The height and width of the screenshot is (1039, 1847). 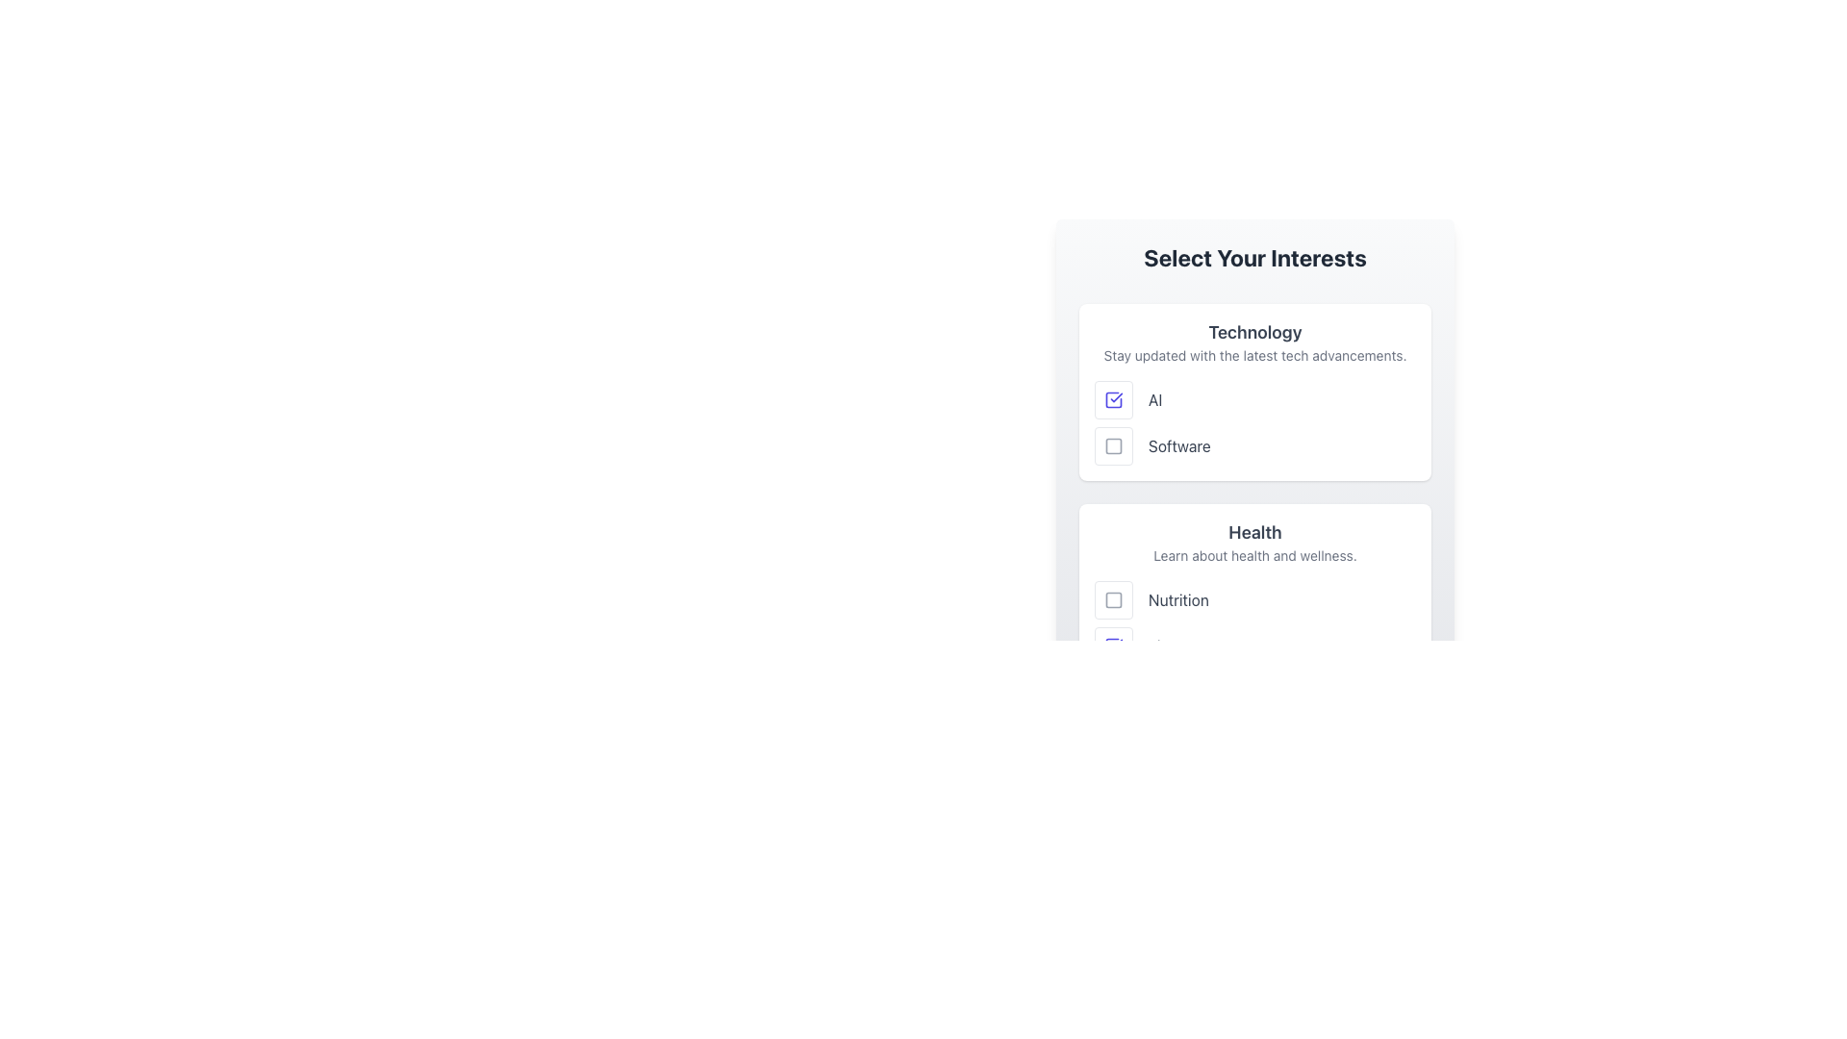 I want to click on the first selectable option button located within the 'Technology' card, positioned to the left of the text 'Software', to trigger tooltip or visual feedback, so click(x=1113, y=445).